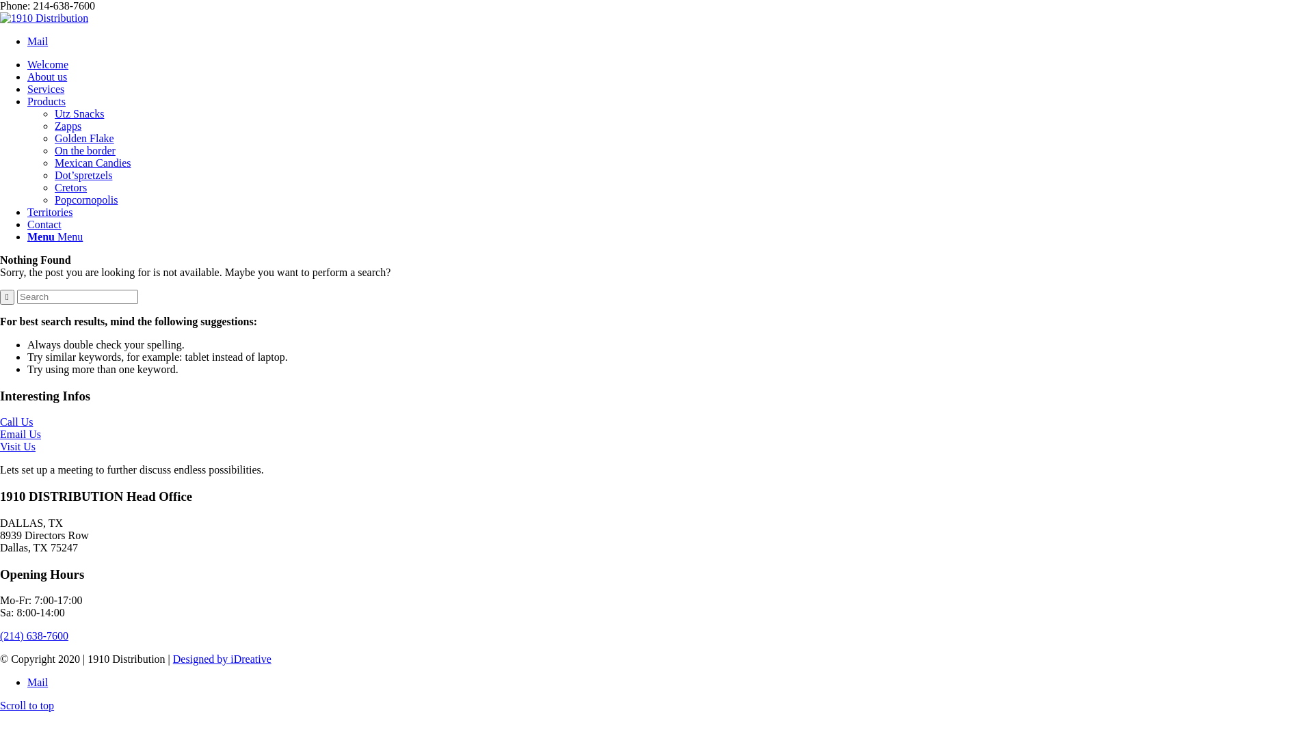 The width and height of the screenshot is (1313, 738). I want to click on 'Utz Snacks', so click(78, 113).